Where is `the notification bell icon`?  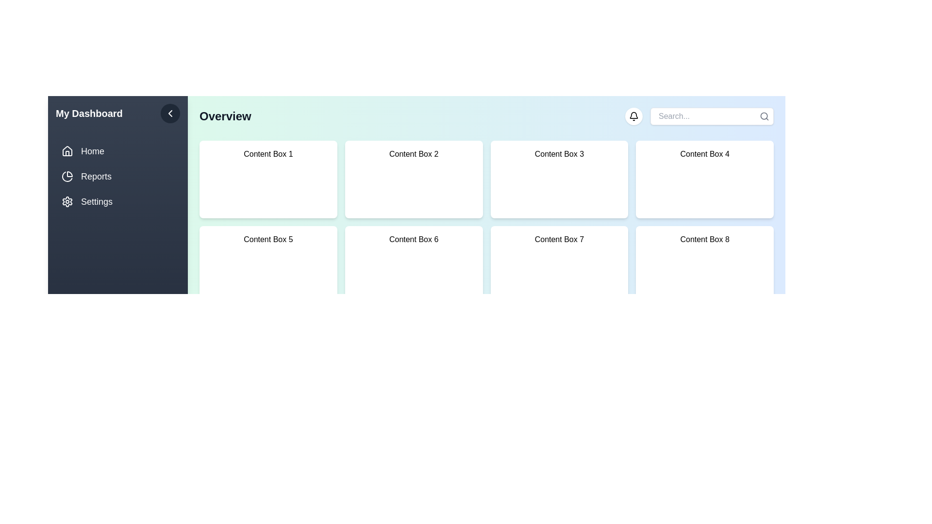
the notification bell icon is located at coordinates (633, 115).